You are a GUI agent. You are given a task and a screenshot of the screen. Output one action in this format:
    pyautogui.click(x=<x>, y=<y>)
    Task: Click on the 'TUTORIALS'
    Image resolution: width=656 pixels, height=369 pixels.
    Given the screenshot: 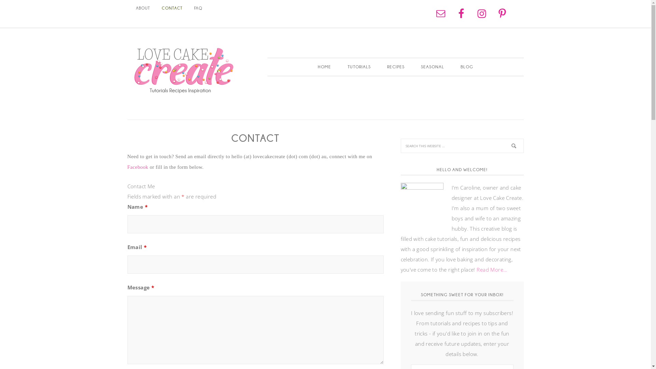 What is the action you would take?
    pyautogui.click(x=359, y=67)
    